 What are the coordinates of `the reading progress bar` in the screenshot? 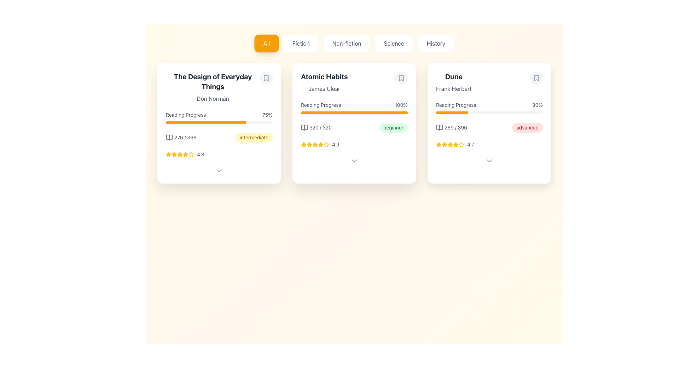 It's located at (244, 122).